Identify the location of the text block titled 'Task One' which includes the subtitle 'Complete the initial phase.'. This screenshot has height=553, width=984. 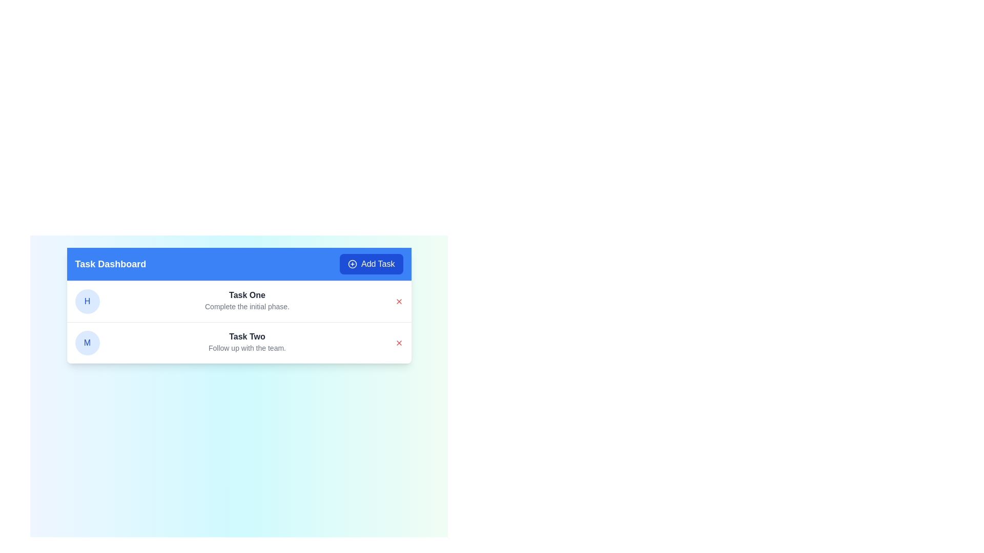
(247, 301).